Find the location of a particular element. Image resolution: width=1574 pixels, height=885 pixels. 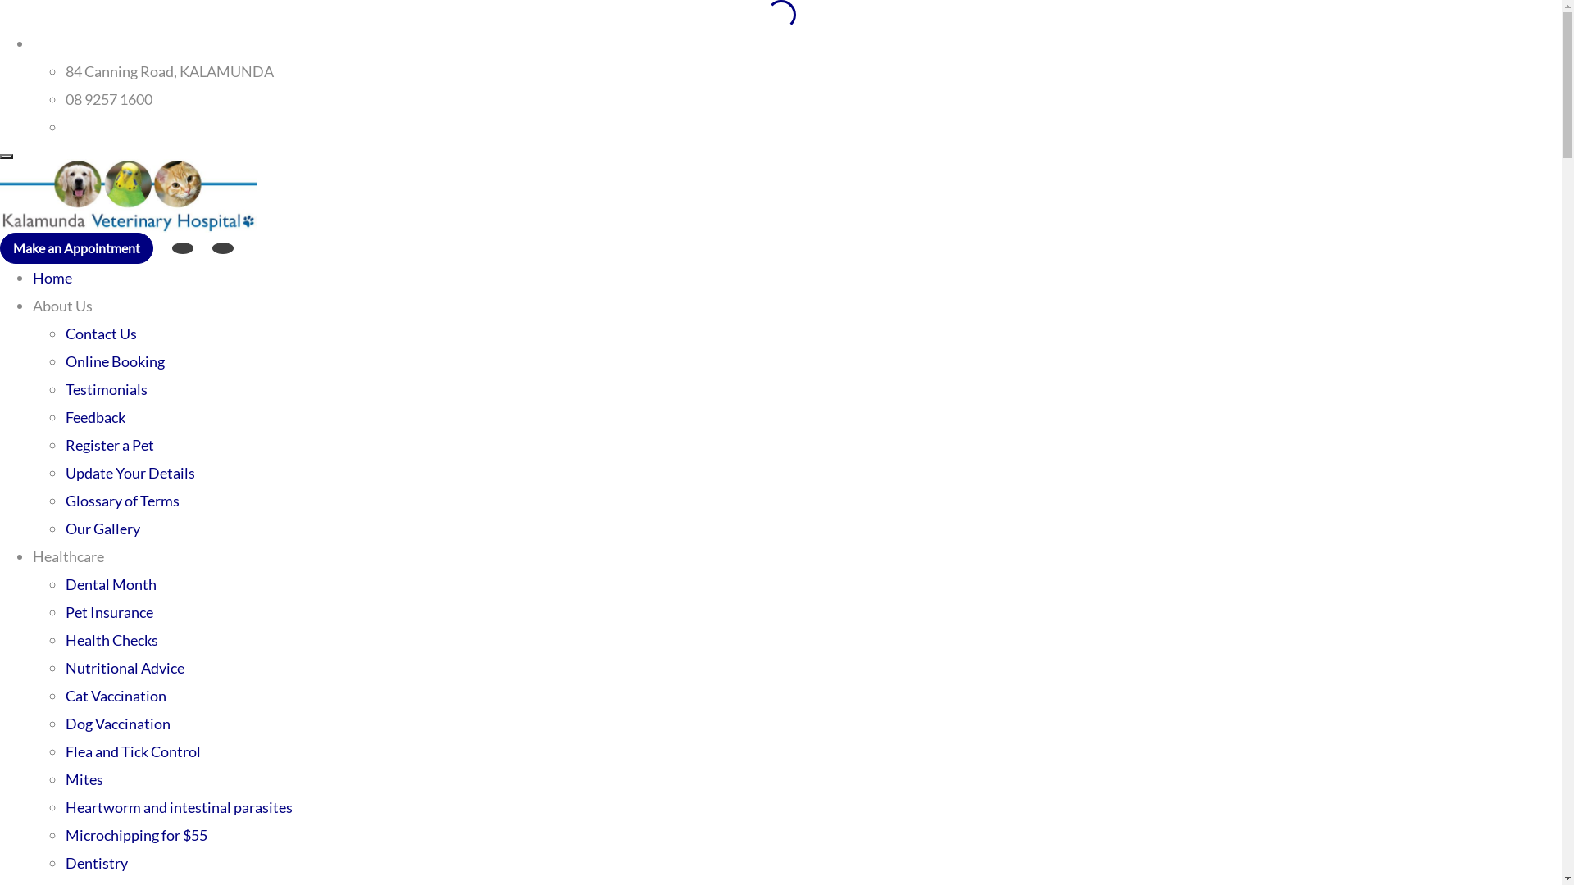

'Online Booking' is located at coordinates (114, 360).